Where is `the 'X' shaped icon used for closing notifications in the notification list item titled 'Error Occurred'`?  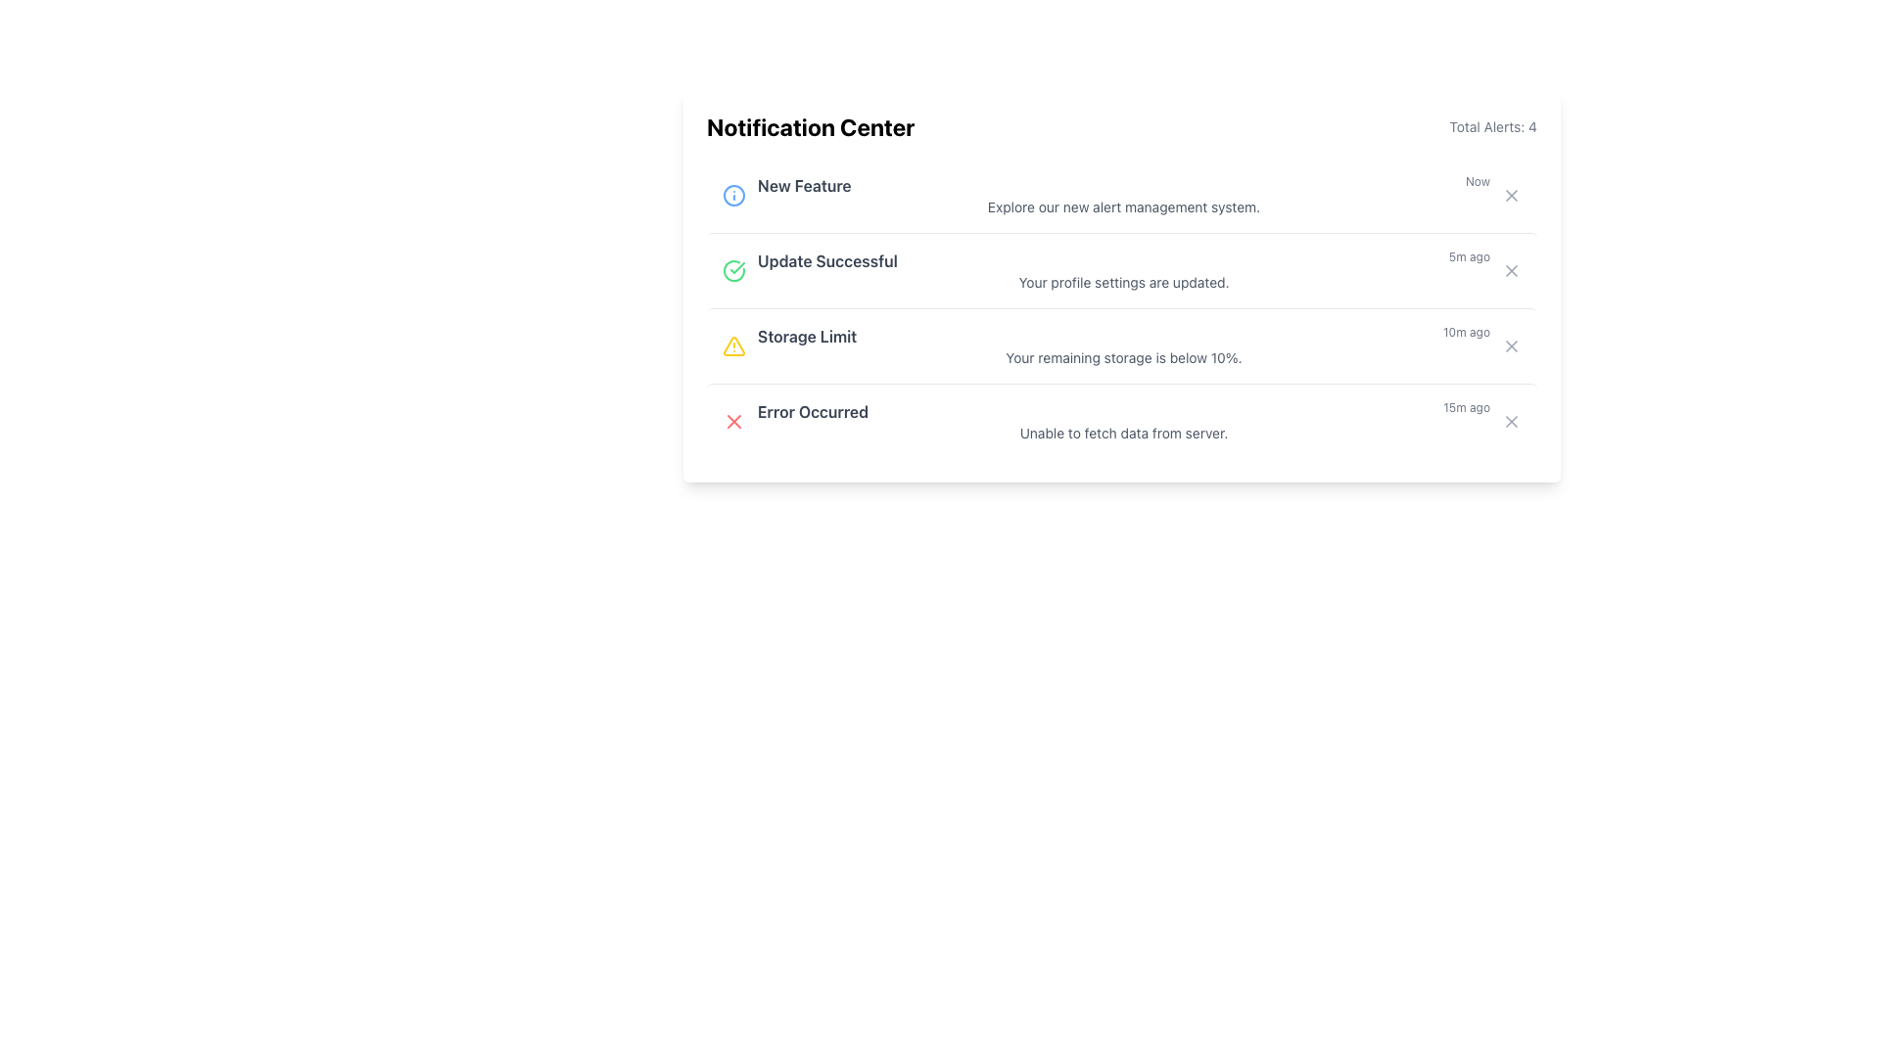
the 'X' shaped icon used for closing notifications in the notification list item titled 'Error Occurred' is located at coordinates (1511, 421).